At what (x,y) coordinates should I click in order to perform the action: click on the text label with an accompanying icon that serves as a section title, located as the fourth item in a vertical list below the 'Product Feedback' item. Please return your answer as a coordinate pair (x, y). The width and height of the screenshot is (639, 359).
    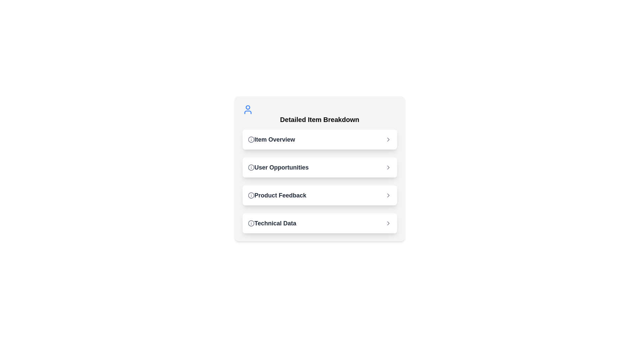
    Looking at the image, I should click on (272, 223).